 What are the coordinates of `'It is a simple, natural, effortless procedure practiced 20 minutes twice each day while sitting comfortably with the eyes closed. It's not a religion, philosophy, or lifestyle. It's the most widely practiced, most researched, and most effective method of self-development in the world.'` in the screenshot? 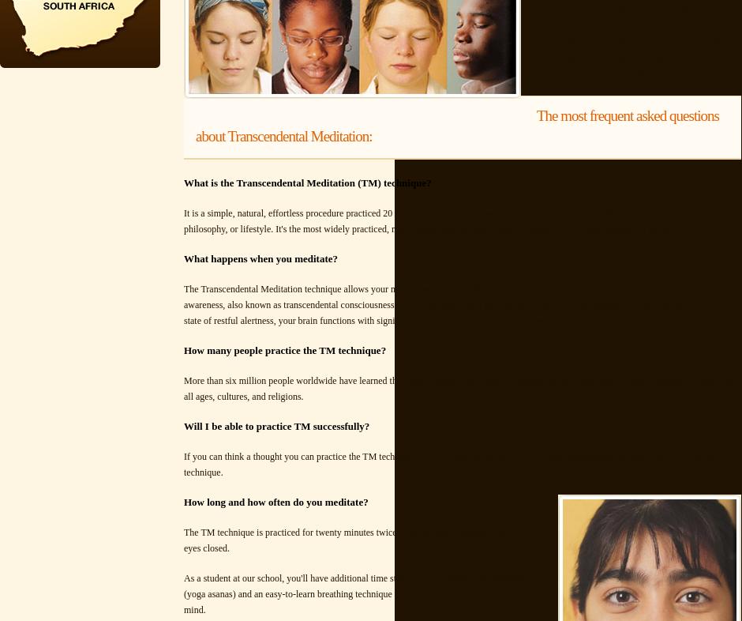 It's located at (457, 220).